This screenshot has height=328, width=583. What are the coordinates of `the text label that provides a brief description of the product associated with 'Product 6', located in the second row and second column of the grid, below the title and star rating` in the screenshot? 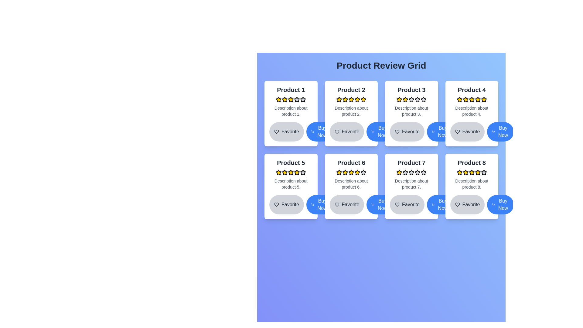 It's located at (351, 183).